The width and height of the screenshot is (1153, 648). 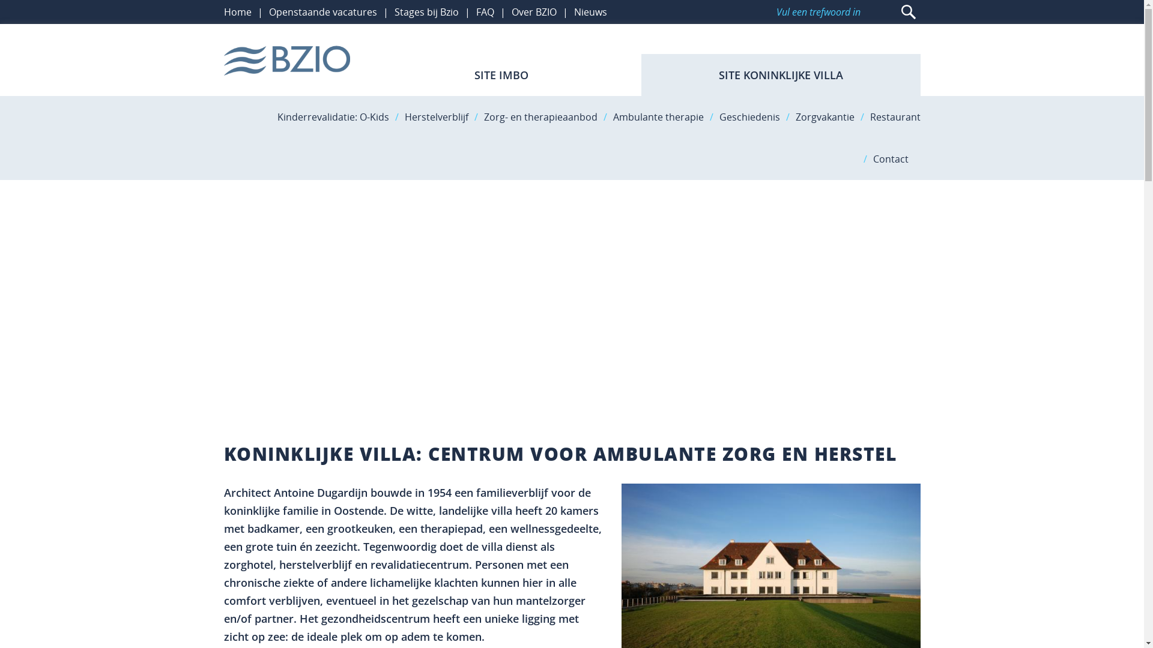 I want to click on 'Restaurant', so click(x=894, y=117).